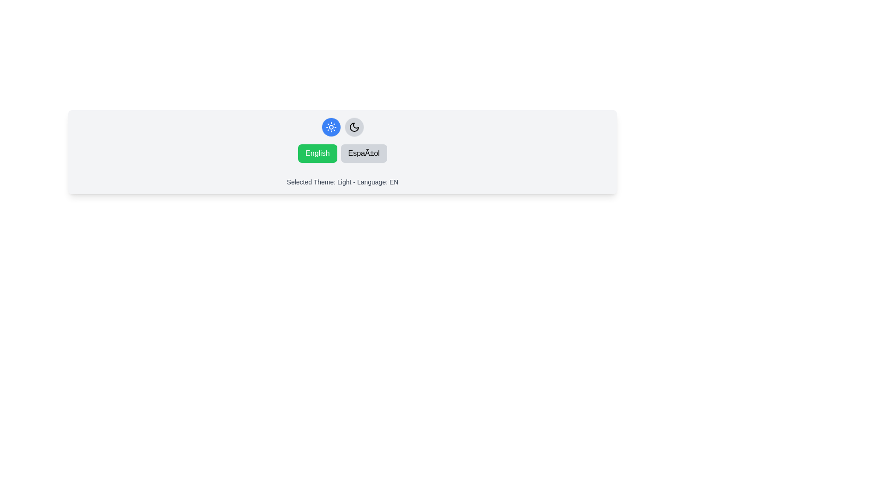 The image size is (886, 498). I want to click on the crescent moon icon button located at the top-center of the UI, so click(353, 127).